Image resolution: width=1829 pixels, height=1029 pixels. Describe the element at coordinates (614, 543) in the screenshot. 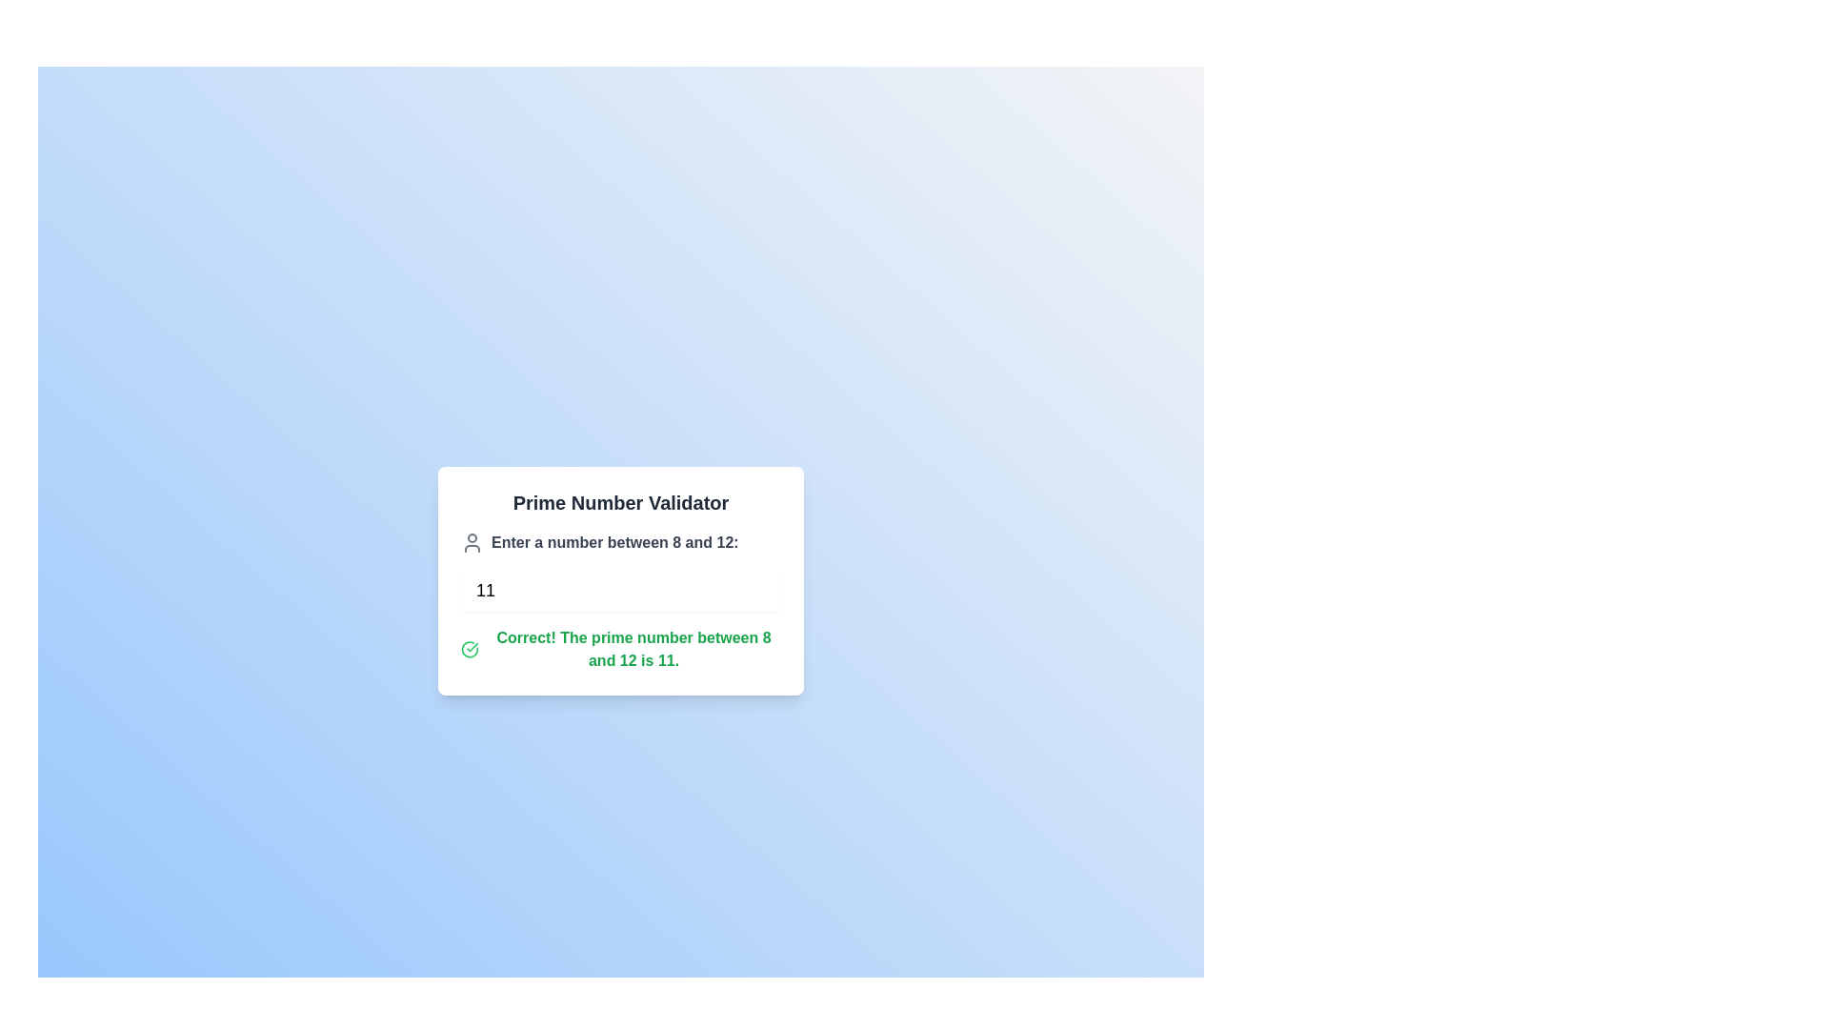

I see `the instruction text label that informs users to enter a numerical input within the specified range of 8 to 12 in the 'Prime Number Validator' section` at that location.